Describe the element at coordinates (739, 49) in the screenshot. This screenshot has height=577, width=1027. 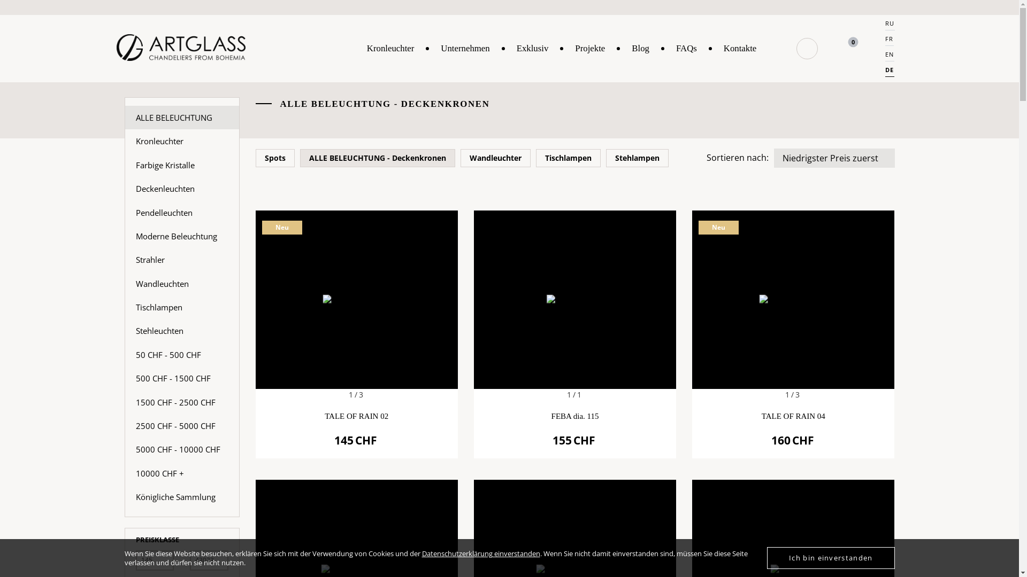
I see `'Kontakte'` at that location.